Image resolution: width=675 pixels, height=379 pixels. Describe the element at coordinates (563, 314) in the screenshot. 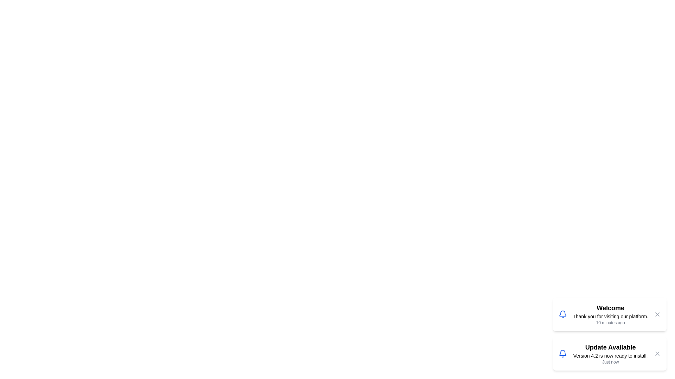

I see `the notification icon to identify it` at that location.